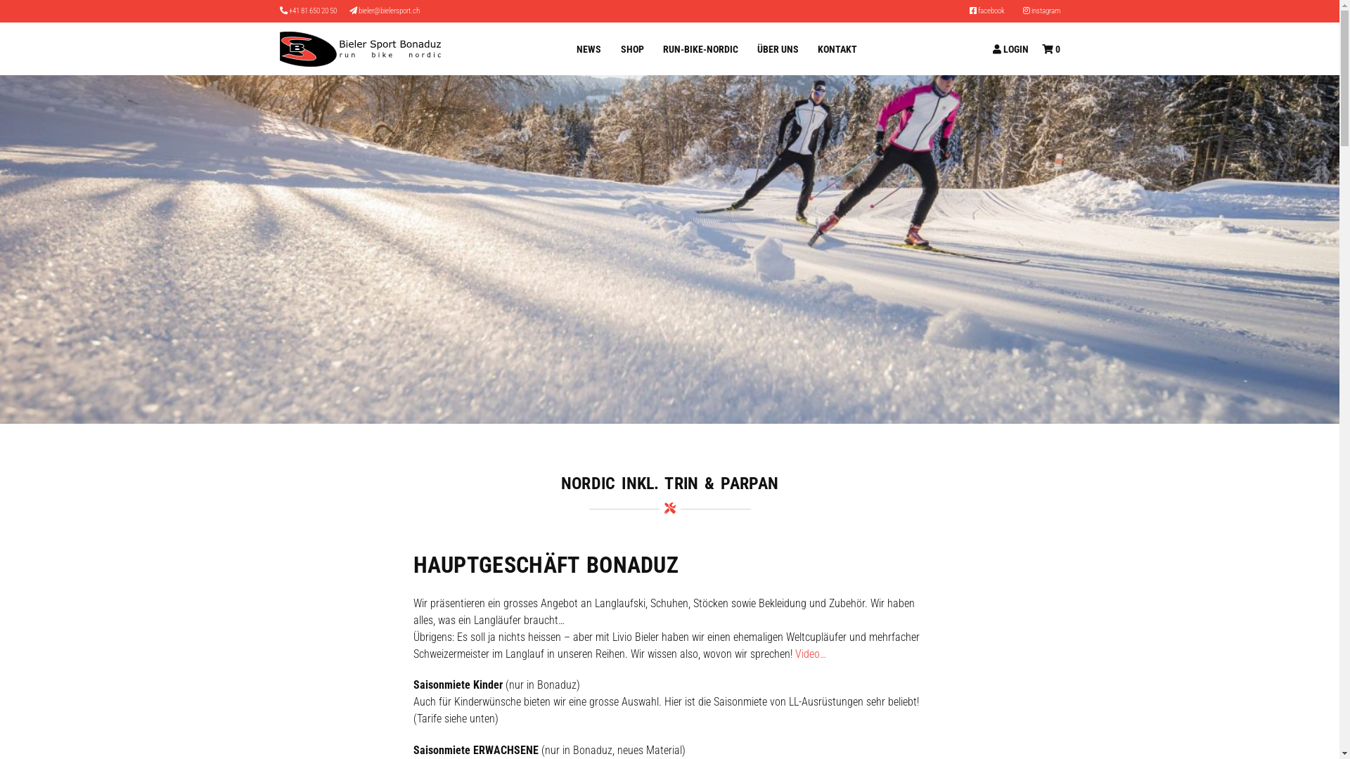  What do you see at coordinates (1041, 11) in the screenshot?
I see `'instagram'` at bounding box center [1041, 11].